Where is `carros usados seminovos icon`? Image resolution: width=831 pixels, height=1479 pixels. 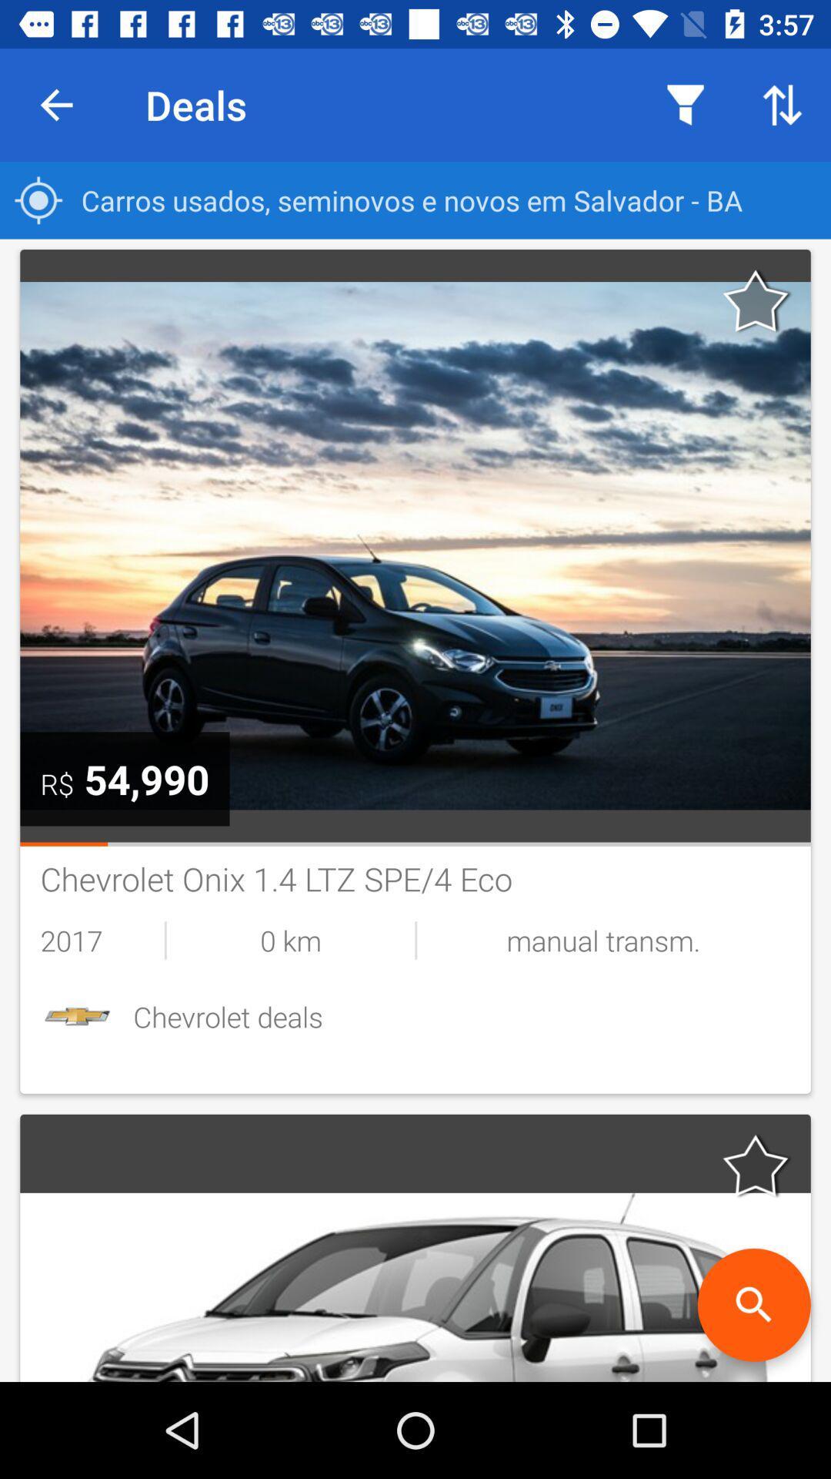
carros usados seminovos icon is located at coordinates (415, 200).